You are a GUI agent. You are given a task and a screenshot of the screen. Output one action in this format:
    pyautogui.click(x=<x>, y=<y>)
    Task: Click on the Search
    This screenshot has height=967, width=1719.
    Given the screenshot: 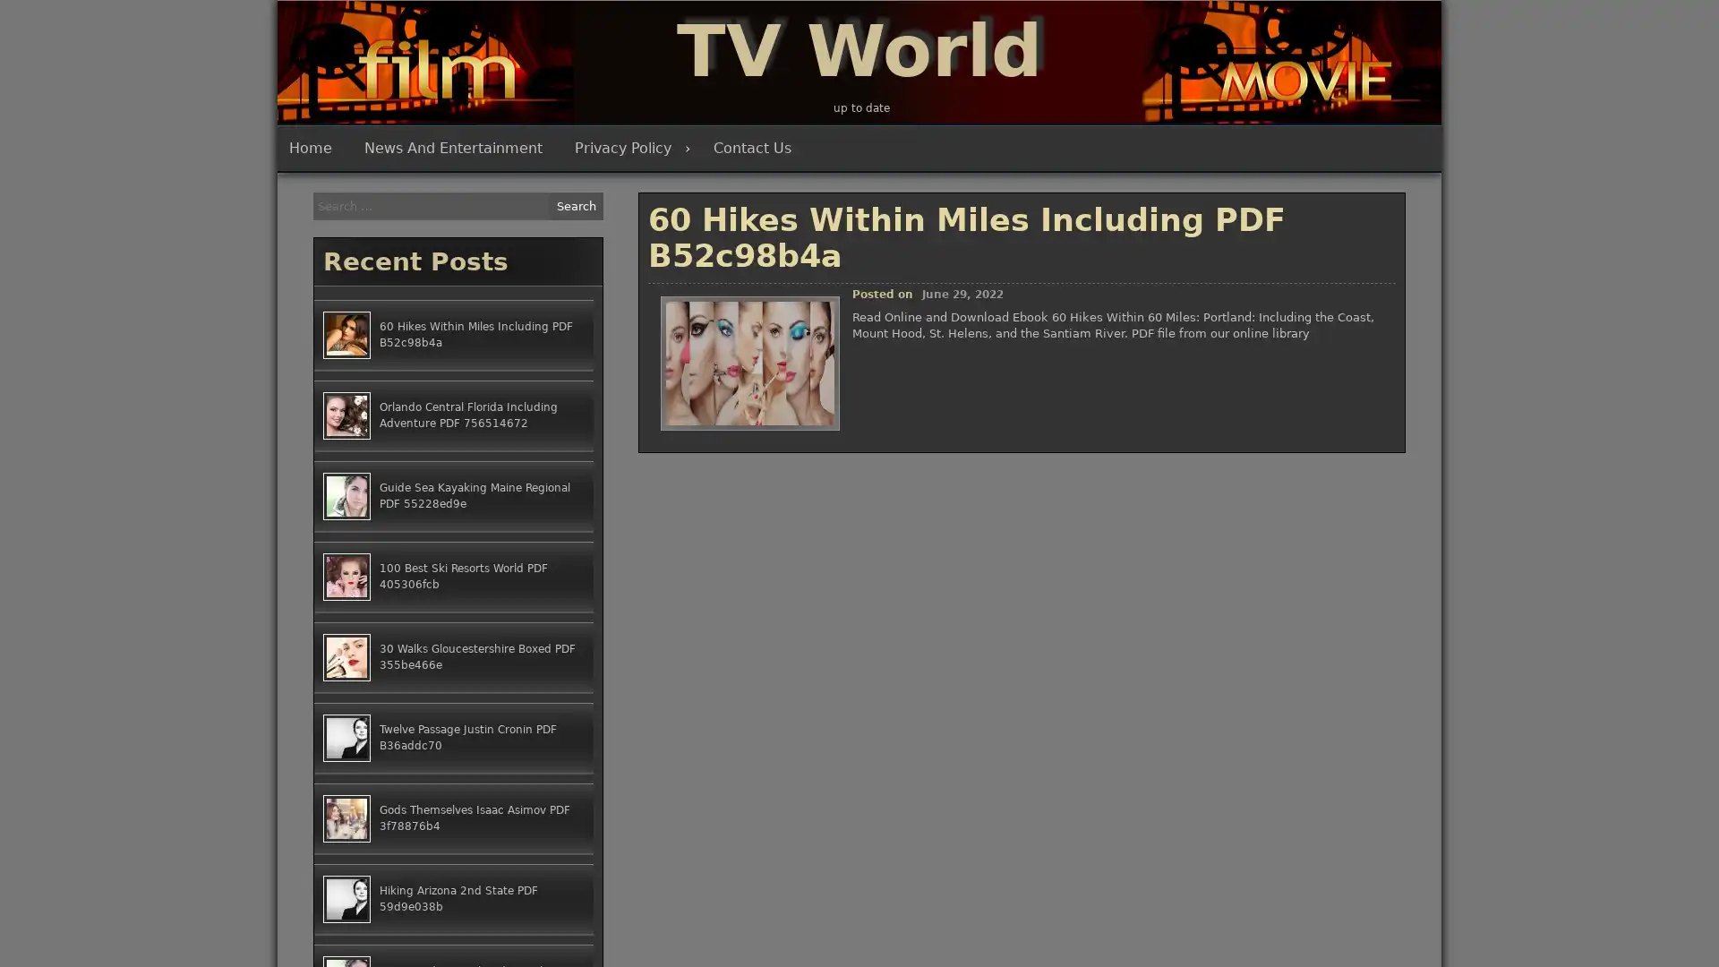 What is the action you would take?
    pyautogui.click(x=576, y=205)
    